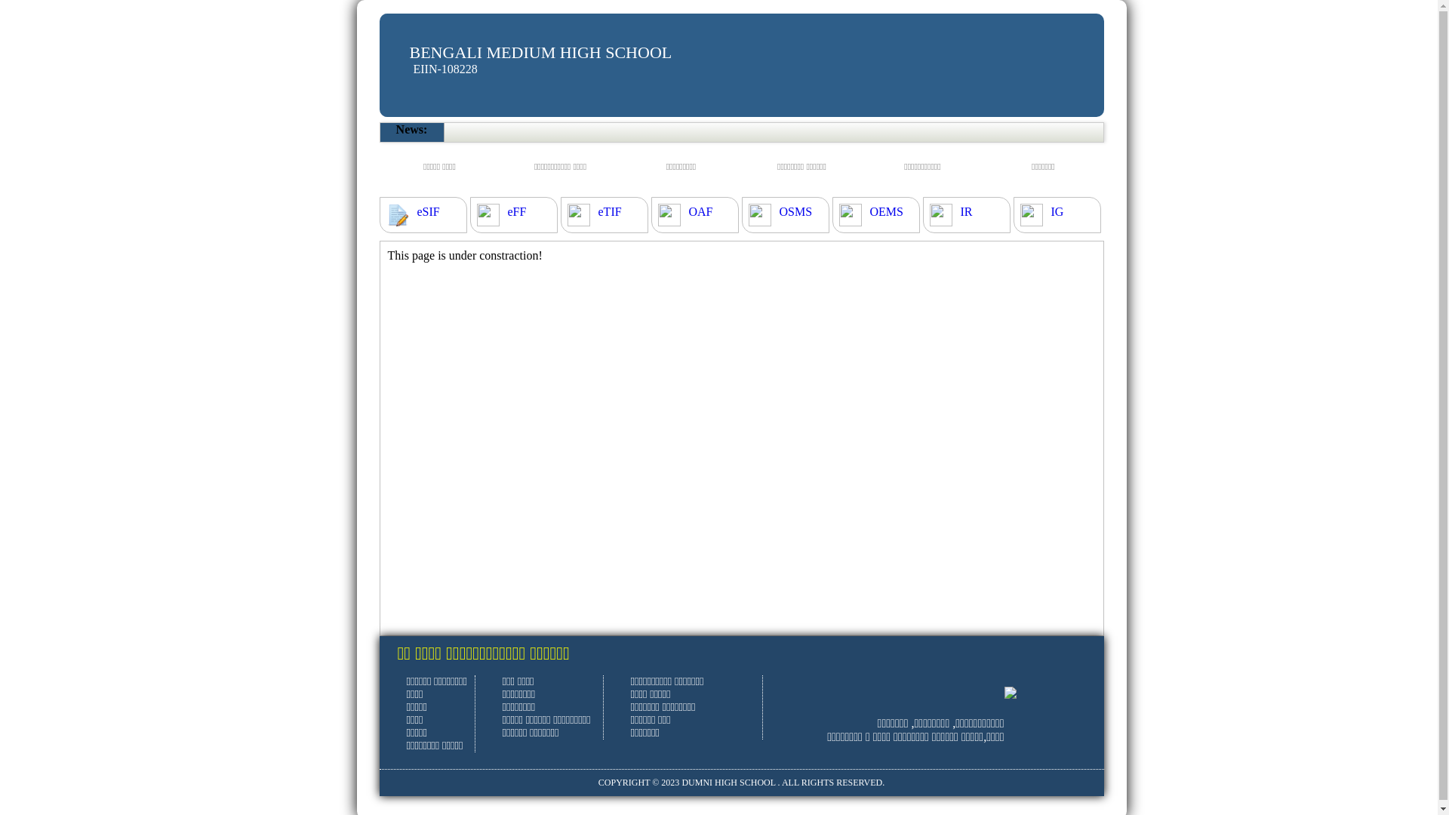  Describe the element at coordinates (688, 212) in the screenshot. I see `'OAF'` at that location.